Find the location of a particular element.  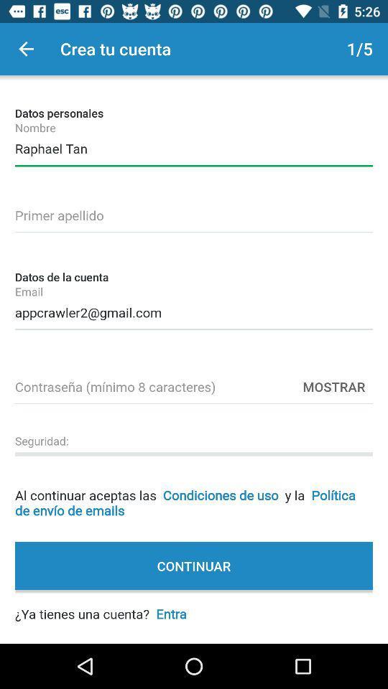

item next to the crea tu cuenta is located at coordinates (26, 49).